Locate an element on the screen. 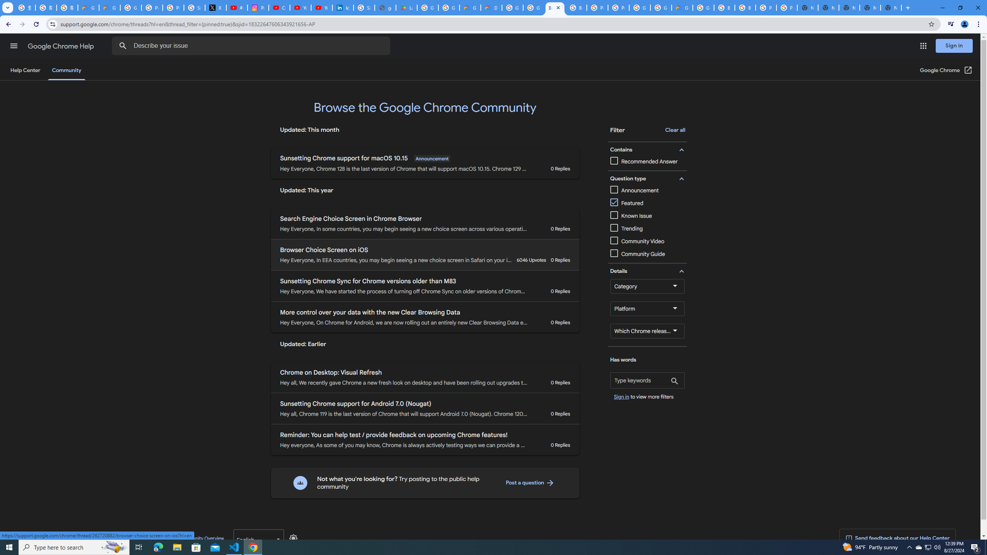 This screenshot has height=555, width=987. 'Featured' is located at coordinates (627, 203).